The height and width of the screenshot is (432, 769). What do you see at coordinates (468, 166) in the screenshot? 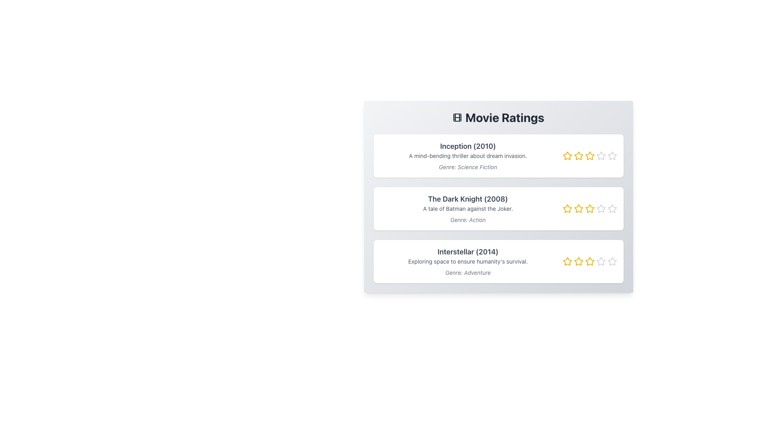
I see `text label indicating the genre of the movie 'Inception (2010)', which is 'Science Fiction', located below the descriptive text about the movie` at bounding box center [468, 166].